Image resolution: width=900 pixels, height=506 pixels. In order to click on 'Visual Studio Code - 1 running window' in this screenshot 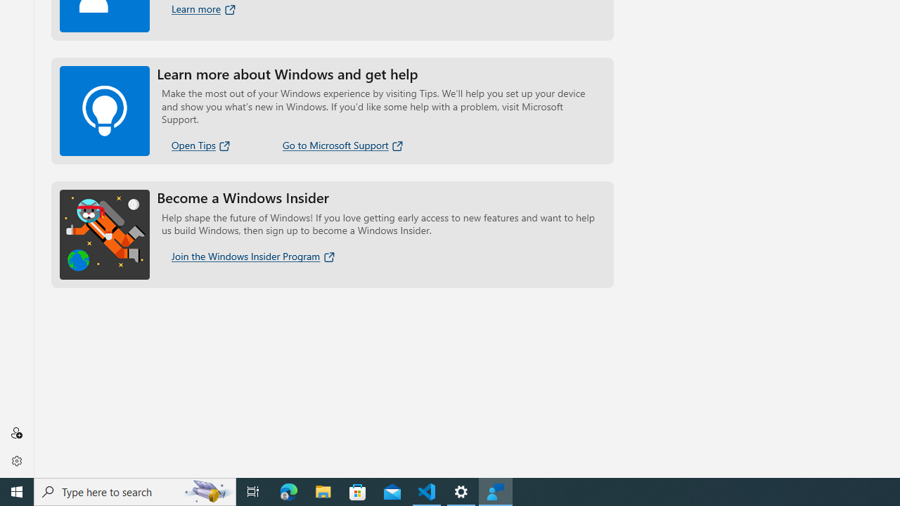, I will do `click(426, 491)`.